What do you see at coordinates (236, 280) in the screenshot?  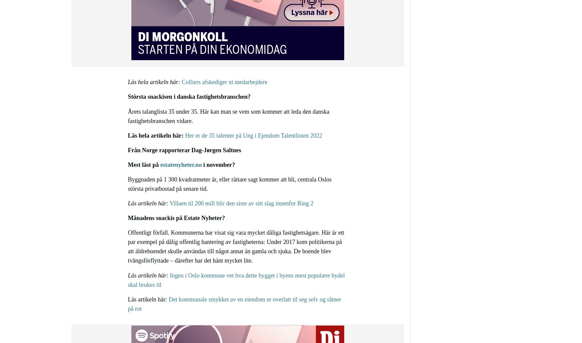 I see `'Ingen i Oslo kommune vet hva dette bygget i byens mest populære bydel skal brukes til'` at bounding box center [236, 280].